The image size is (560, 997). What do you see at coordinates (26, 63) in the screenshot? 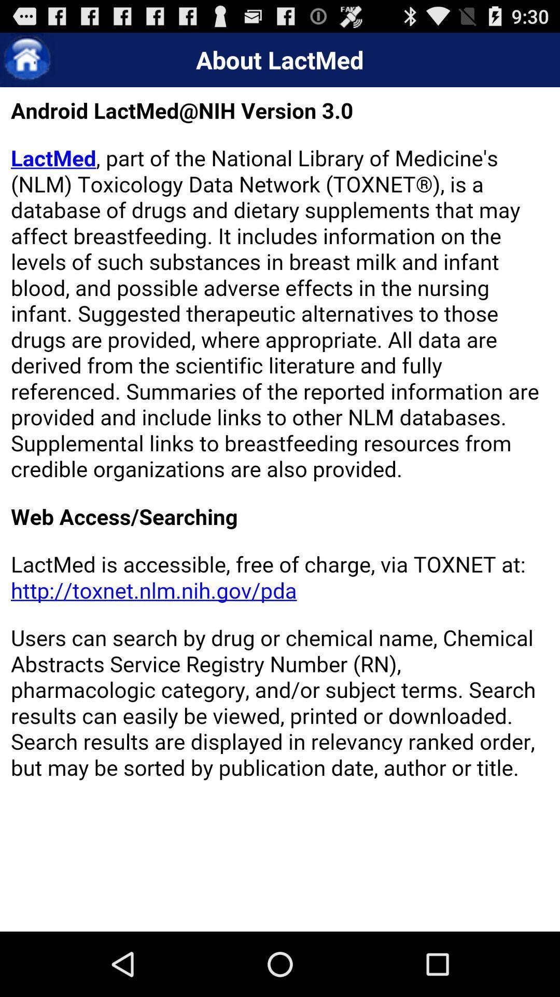
I see `the home icon` at bounding box center [26, 63].